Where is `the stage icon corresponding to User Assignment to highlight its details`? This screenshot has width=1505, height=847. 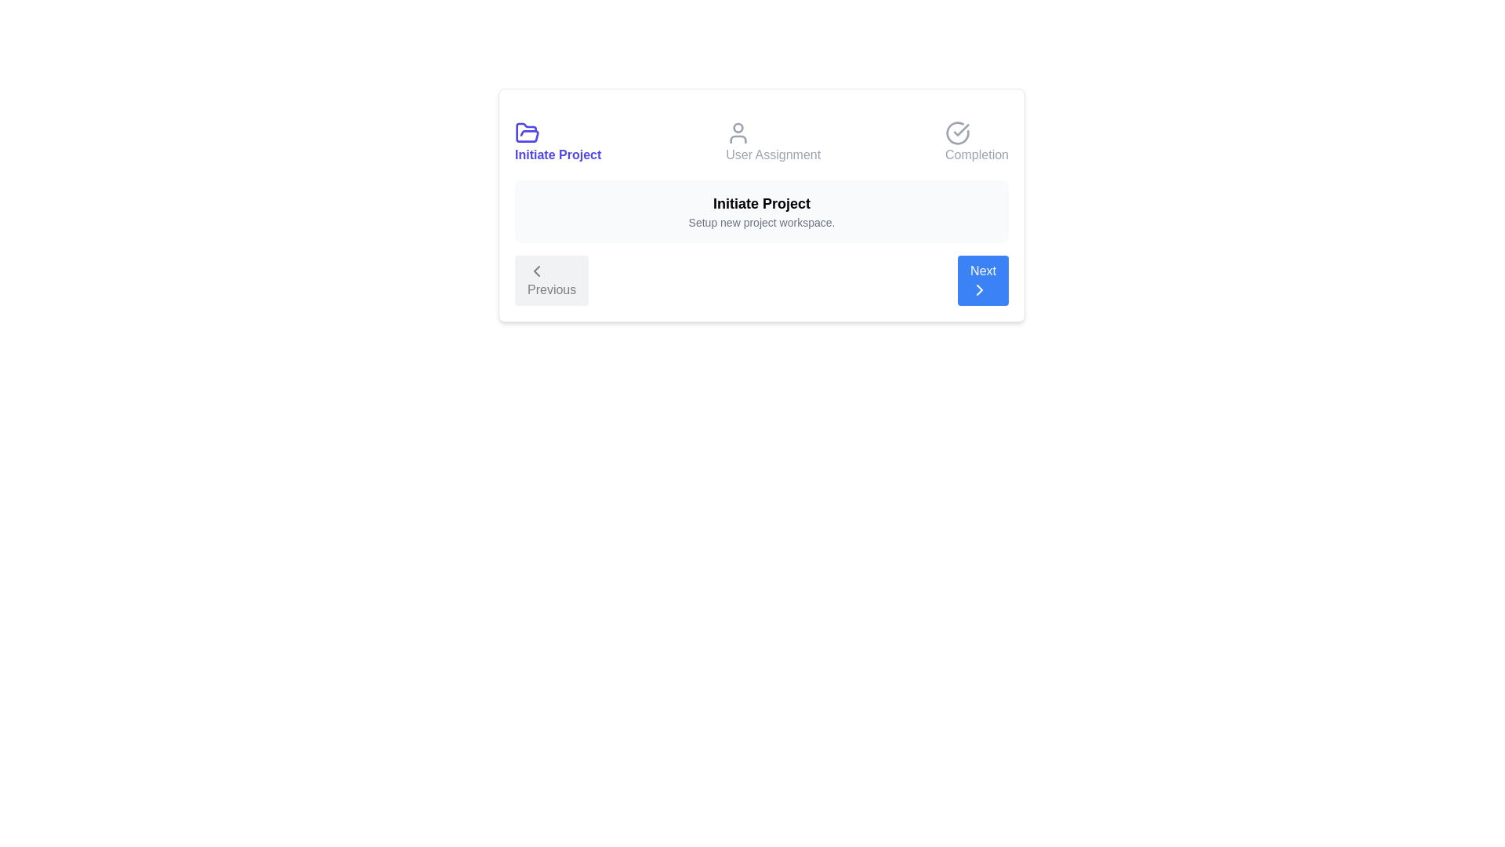 the stage icon corresponding to User Assignment to highlight its details is located at coordinates (772, 142).